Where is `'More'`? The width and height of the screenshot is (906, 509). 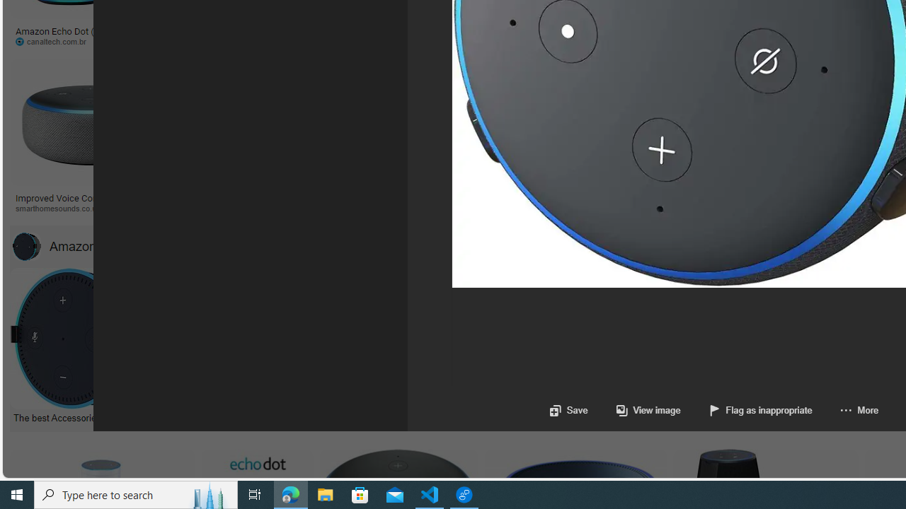
'More' is located at coordinates (845, 410).